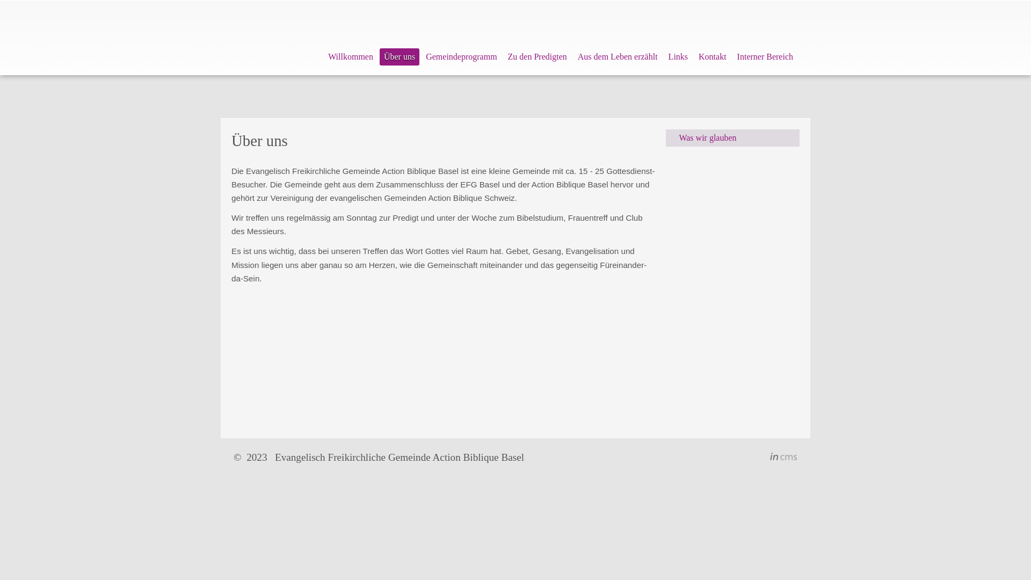 The width and height of the screenshot is (1031, 580). What do you see at coordinates (732, 137) in the screenshot?
I see `'Was wir glauben'` at bounding box center [732, 137].